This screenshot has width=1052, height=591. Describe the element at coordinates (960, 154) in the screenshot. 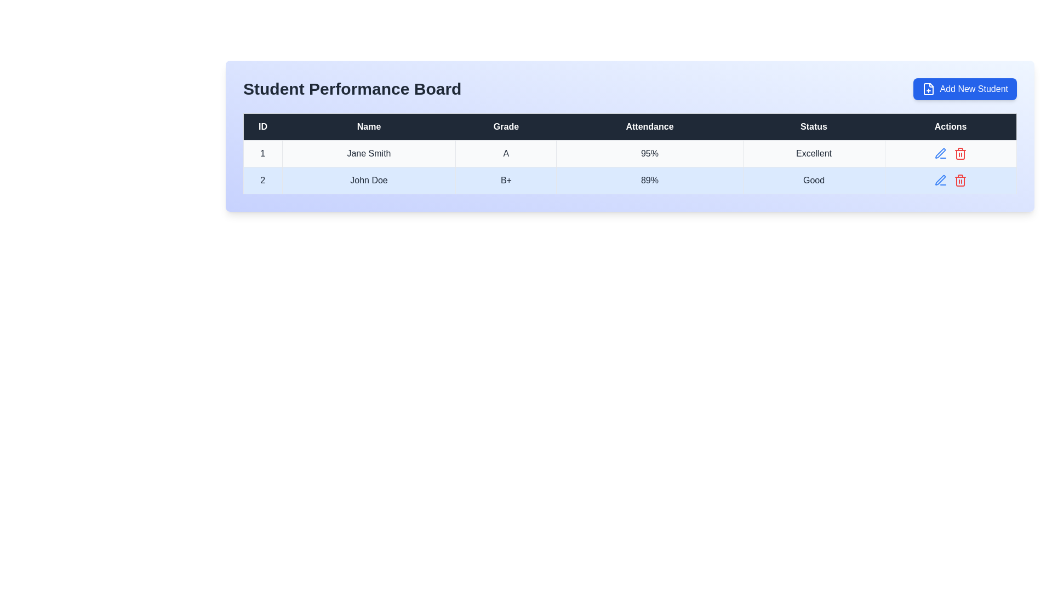

I see `the red trash can icon button located in the 'Actions' column` at that location.